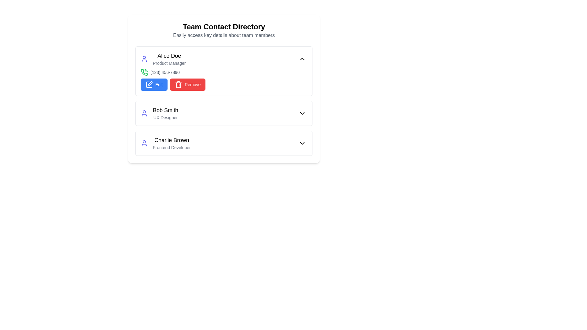 The height and width of the screenshot is (330, 587). Describe the element at coordinates (150, 83) in the screenshot. I see `the pen-like graphical icon in the top-left corner of the card labeled 'Alice Doe' in the 'Team Contact Directory'` at that location.